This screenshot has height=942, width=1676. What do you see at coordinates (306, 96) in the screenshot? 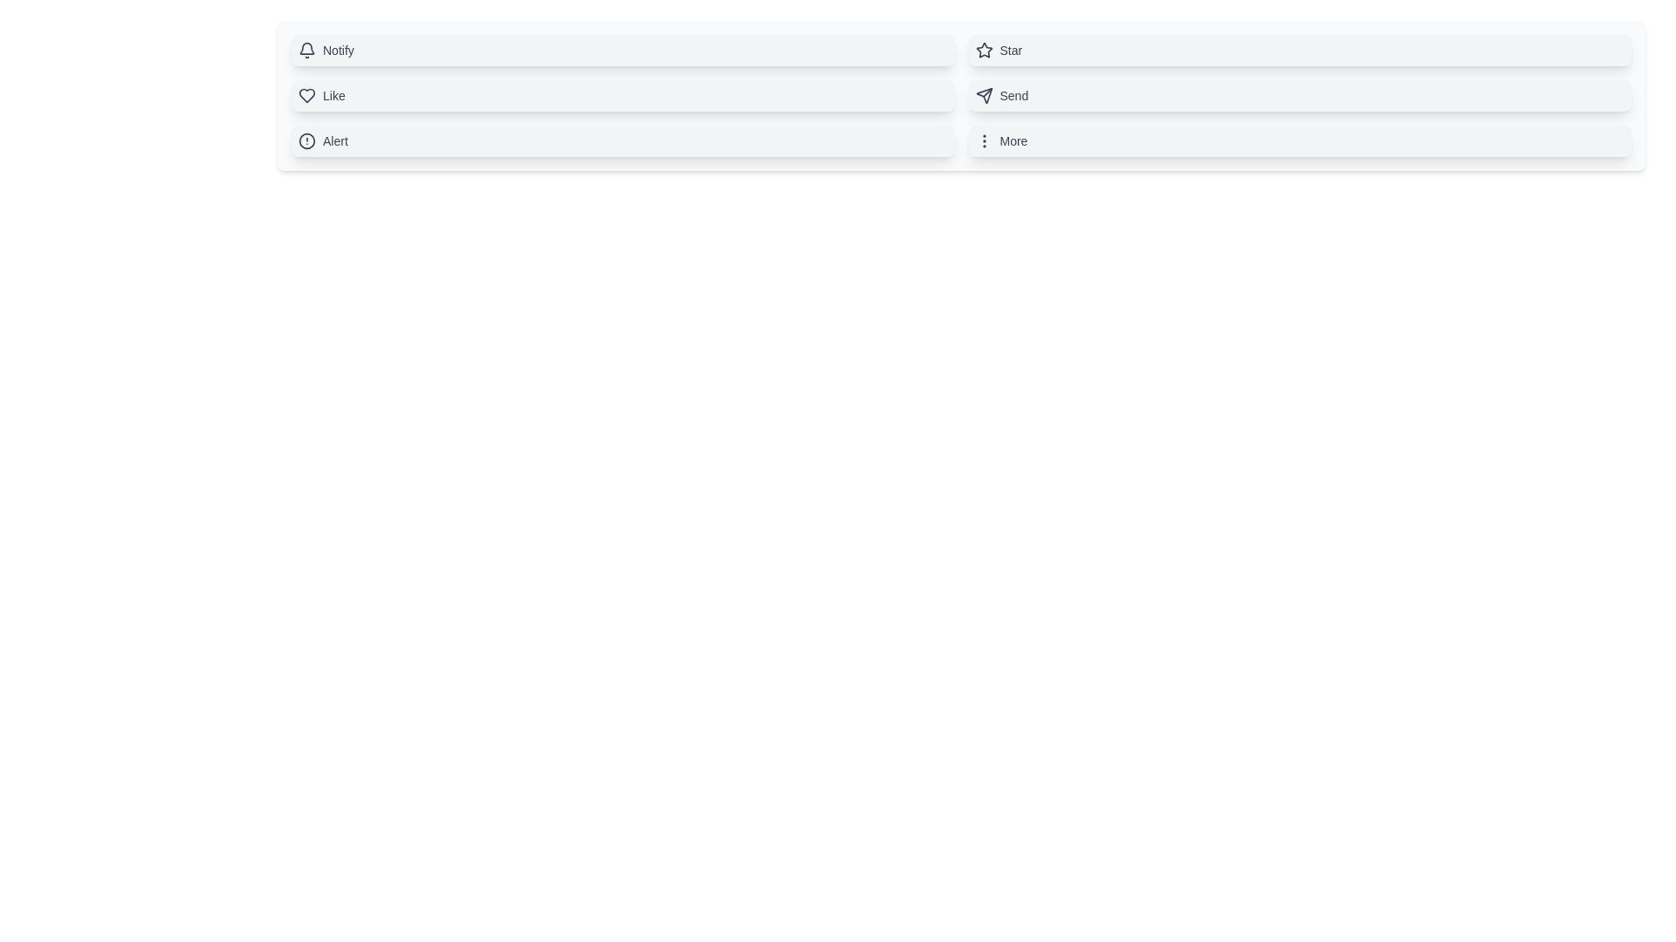
I see `the heart-shaped icon located as the second item in a vertical list, positioned between the 'Notify' icon above and the 'Alert' icon below` at bounding box center [306, 96].